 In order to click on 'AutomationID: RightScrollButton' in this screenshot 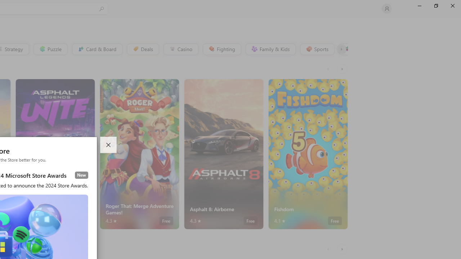, I will do `click(343, 249)`.